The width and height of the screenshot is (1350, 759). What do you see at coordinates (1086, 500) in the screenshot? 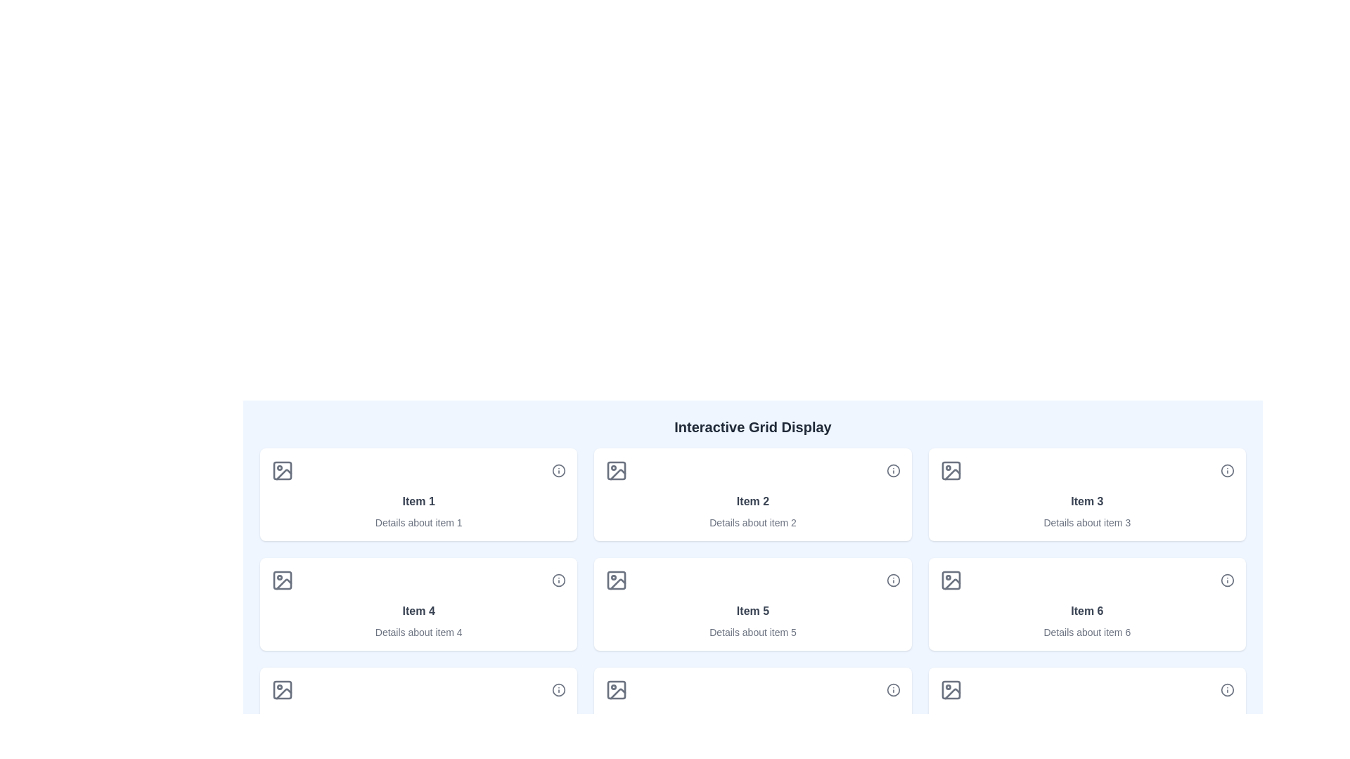
I see `text label displaying 'Item 3' which is bold and dark gray, located in the second row and third column of the grid layout` at bounding box center [1086, 500].